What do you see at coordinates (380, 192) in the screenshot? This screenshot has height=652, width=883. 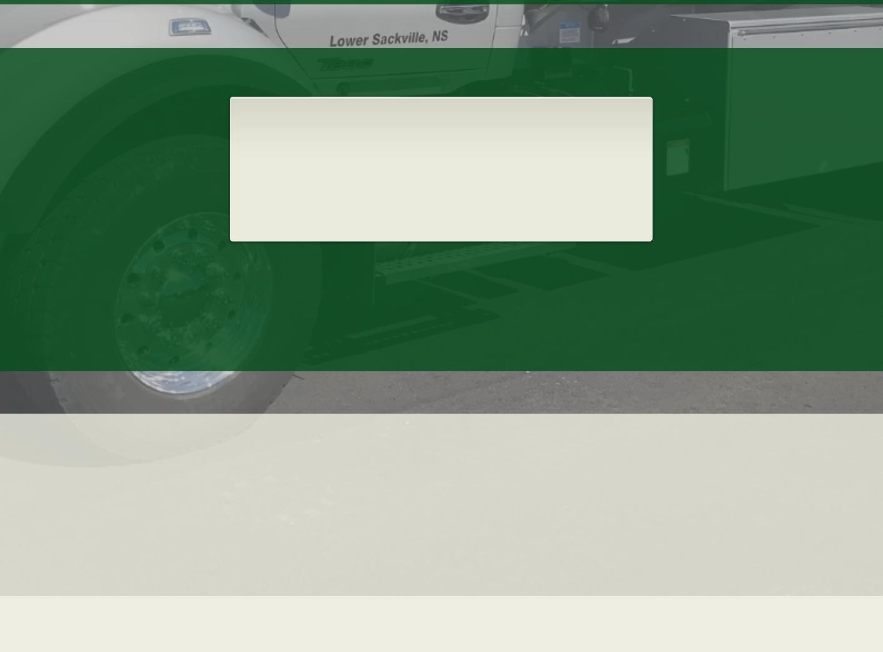 I see `'Peace of Mind Monitors & Tank/Equip'` at bounding box center [380, 192].